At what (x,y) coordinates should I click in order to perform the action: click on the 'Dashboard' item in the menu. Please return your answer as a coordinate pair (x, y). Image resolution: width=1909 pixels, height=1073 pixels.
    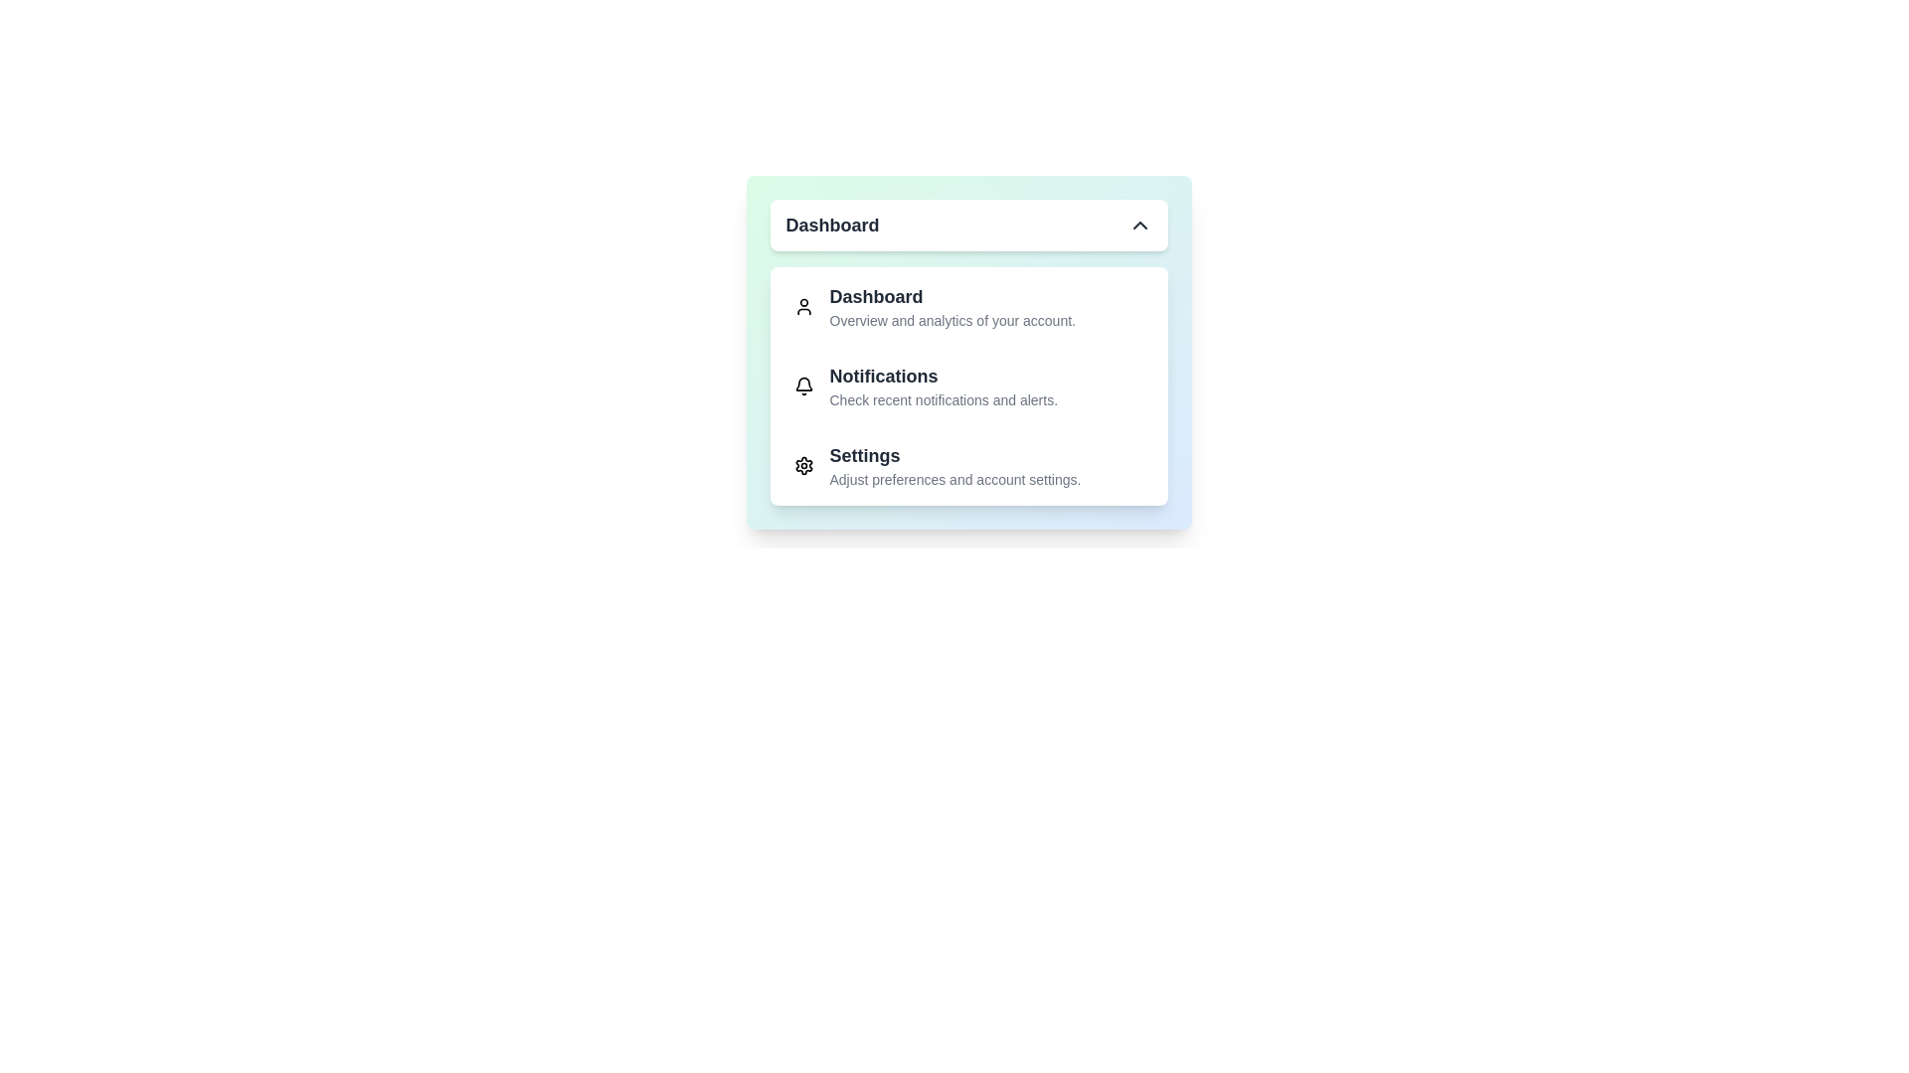
    Looking at the image, I should click on (968, 306).